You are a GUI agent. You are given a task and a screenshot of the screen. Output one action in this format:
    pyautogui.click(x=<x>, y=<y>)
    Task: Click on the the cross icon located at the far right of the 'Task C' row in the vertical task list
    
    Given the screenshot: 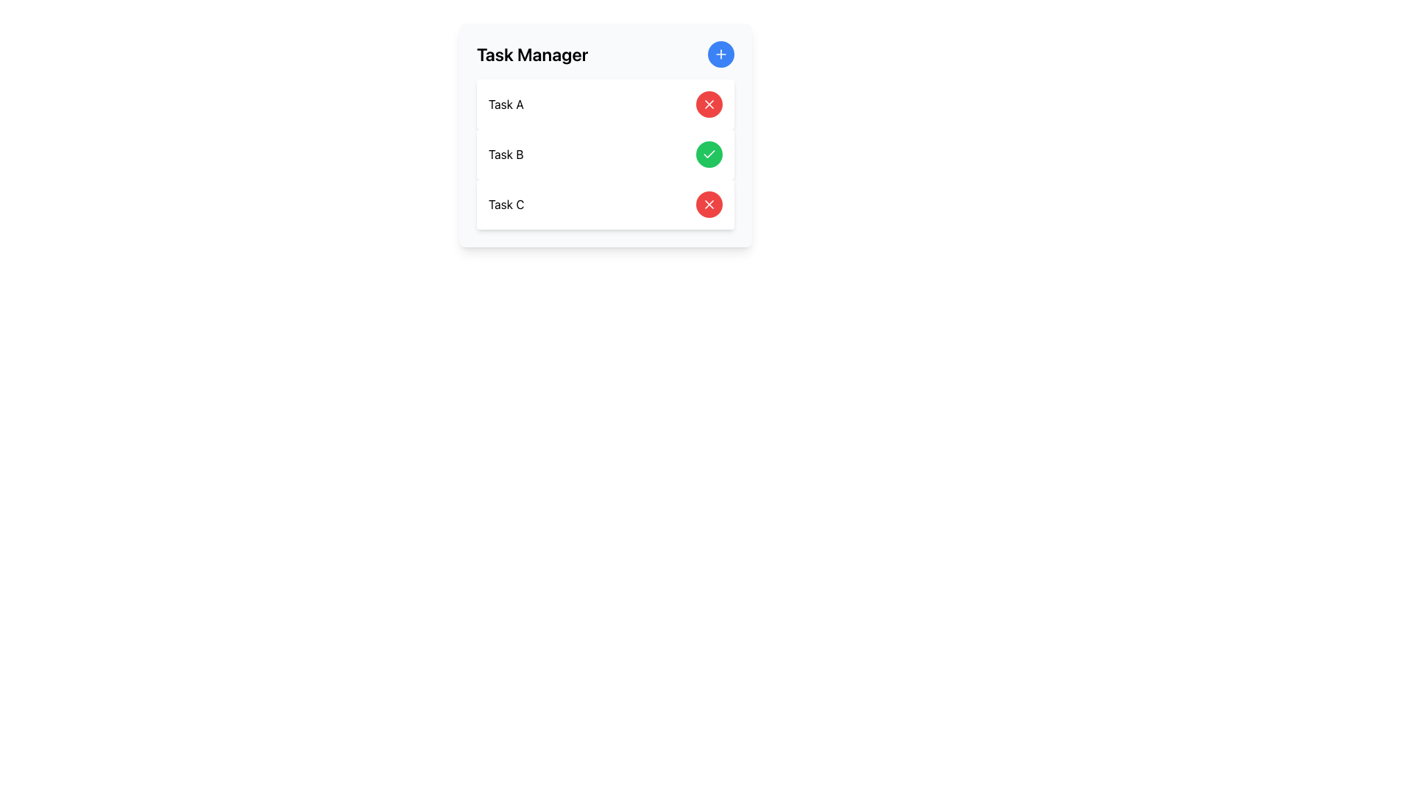 What is the action you would take?
    pyautogui.click(x=709, y=104)
    